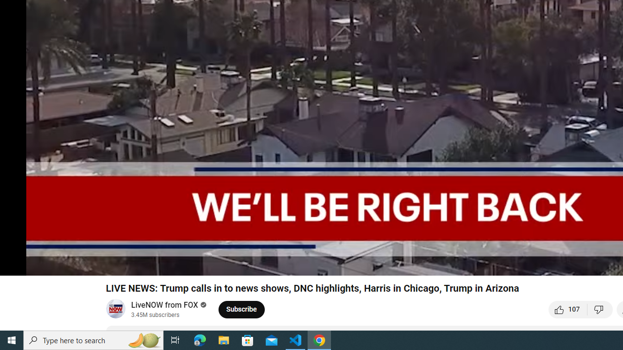 This screenshot has width=623, height=350. Describe the element at coordinates (202, 304) in the screenshot. I see `'Verified'` at that location.